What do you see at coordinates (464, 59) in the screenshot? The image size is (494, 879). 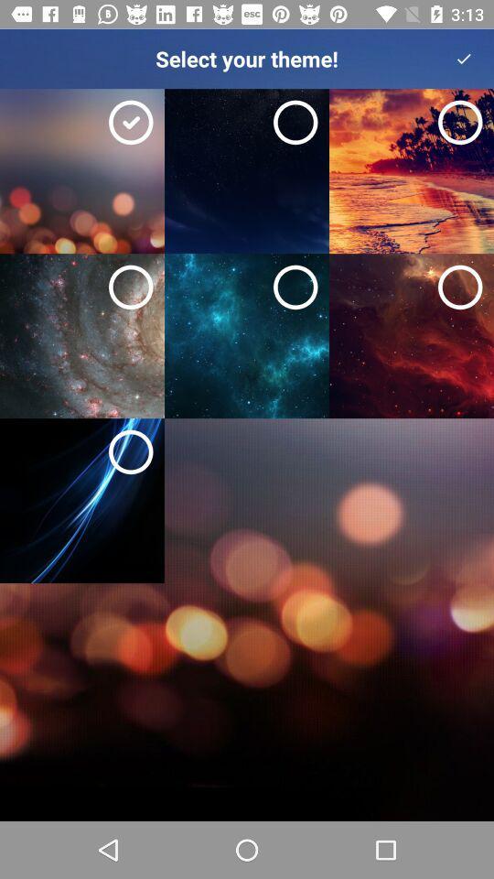 I see `icon next to select your theme! item` at bounding box center [464, 59].